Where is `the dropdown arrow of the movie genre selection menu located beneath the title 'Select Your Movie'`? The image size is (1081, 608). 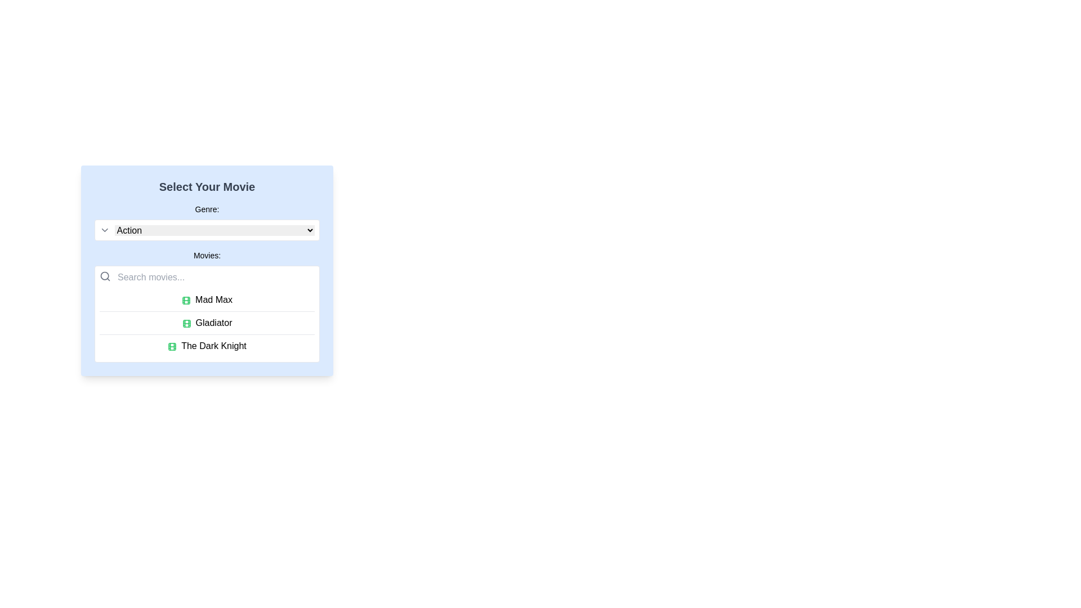 the dropdown arrow of the movie genre selection menu located beneath the title 'Select Your Movie' is located at coordinates (207, 222).